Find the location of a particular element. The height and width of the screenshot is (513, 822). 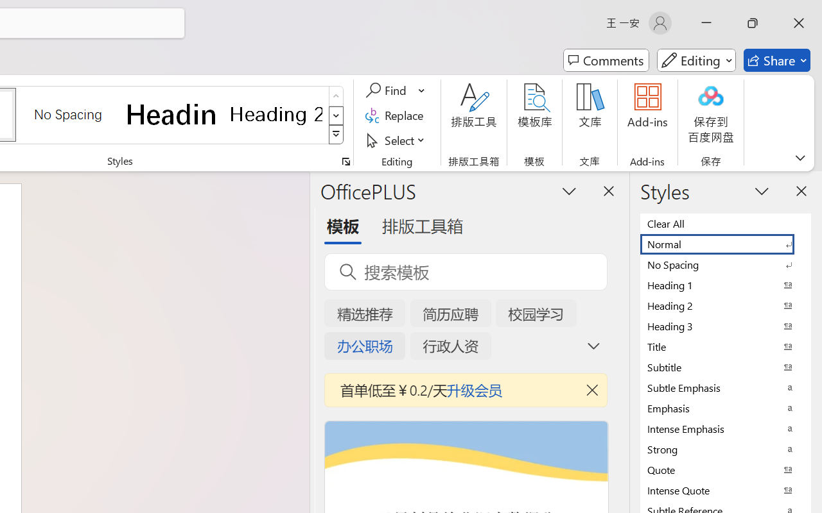

'Task Pane Options' is located at coordinates (569, 190).